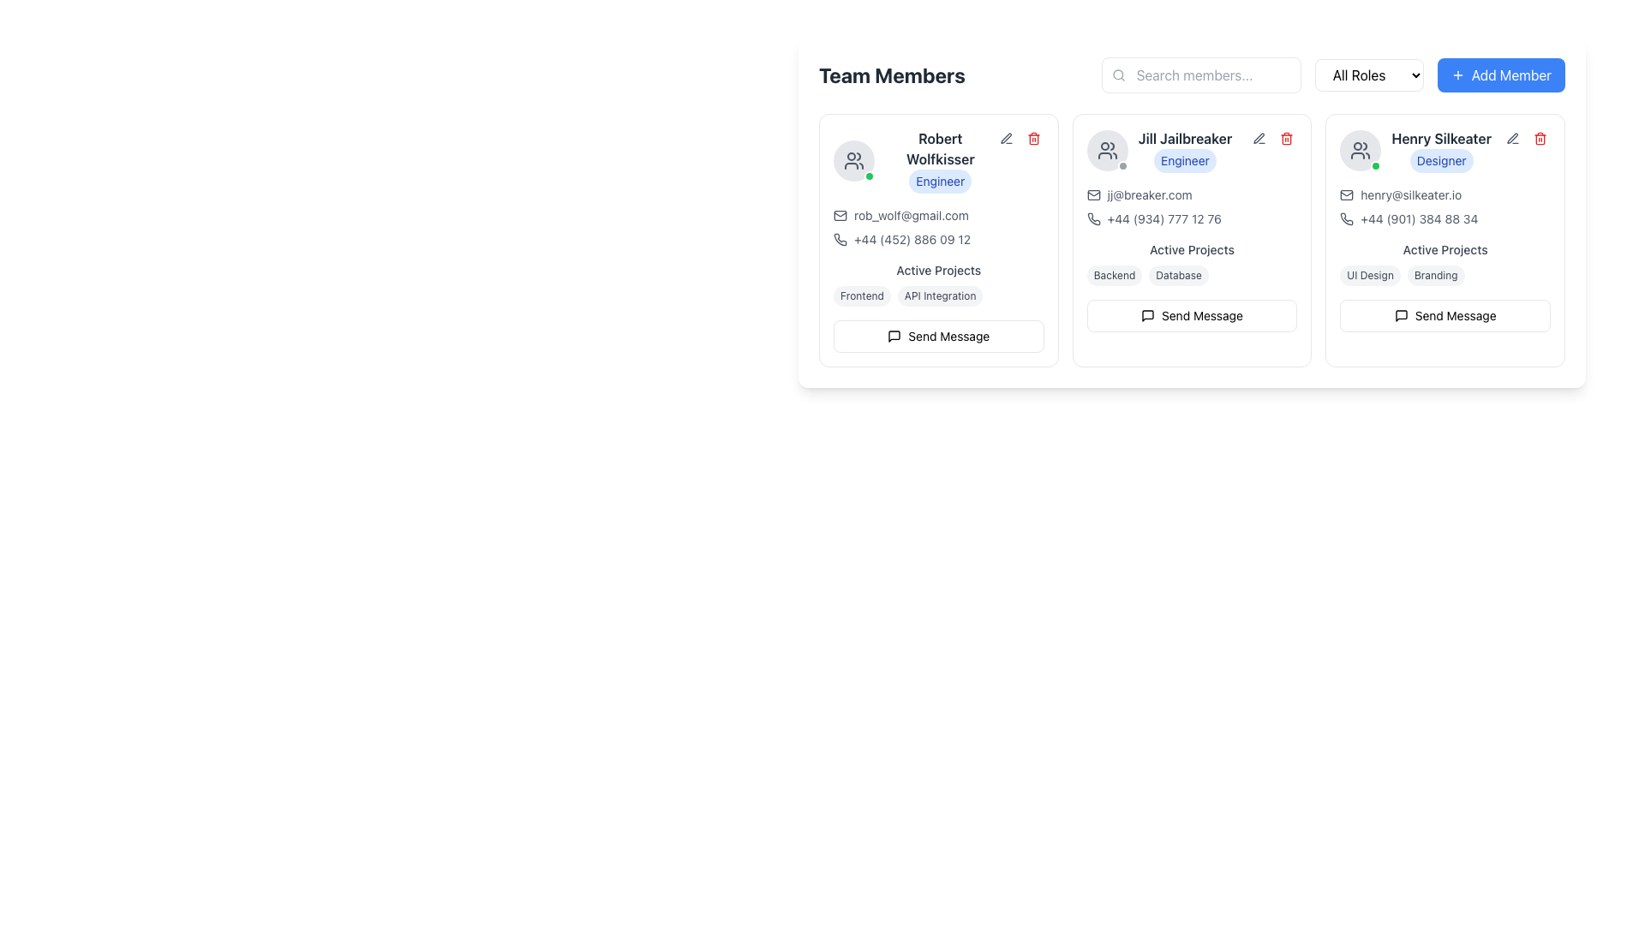 The height and width of the screenshot is (925, 1645). What do you see at coordinates (1092, 194) in the screenshot?
I see `the decorative icon indicating the contact email address for Jill Jailbreaker, located to the left of 'jj@breaker.com'` at bounding box center [1092, 194].